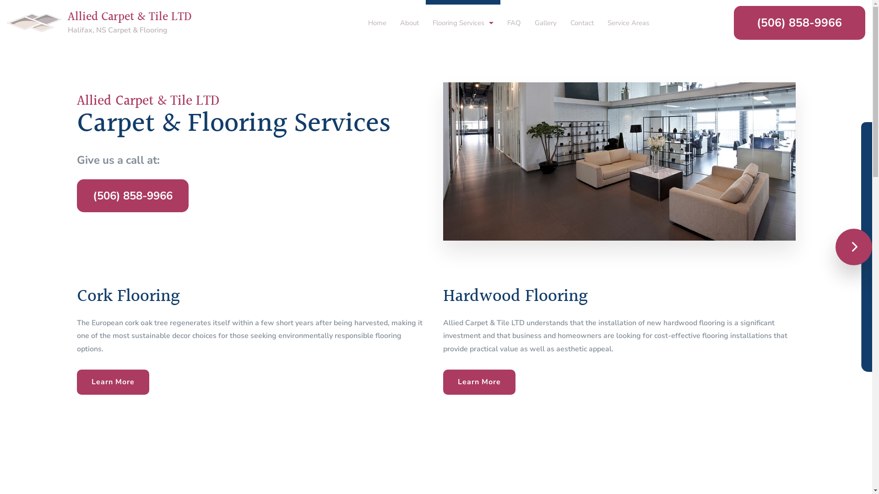  Describe the element at coordinates (500, 16) in the screenshot. I see `'FAQ'` at that location.